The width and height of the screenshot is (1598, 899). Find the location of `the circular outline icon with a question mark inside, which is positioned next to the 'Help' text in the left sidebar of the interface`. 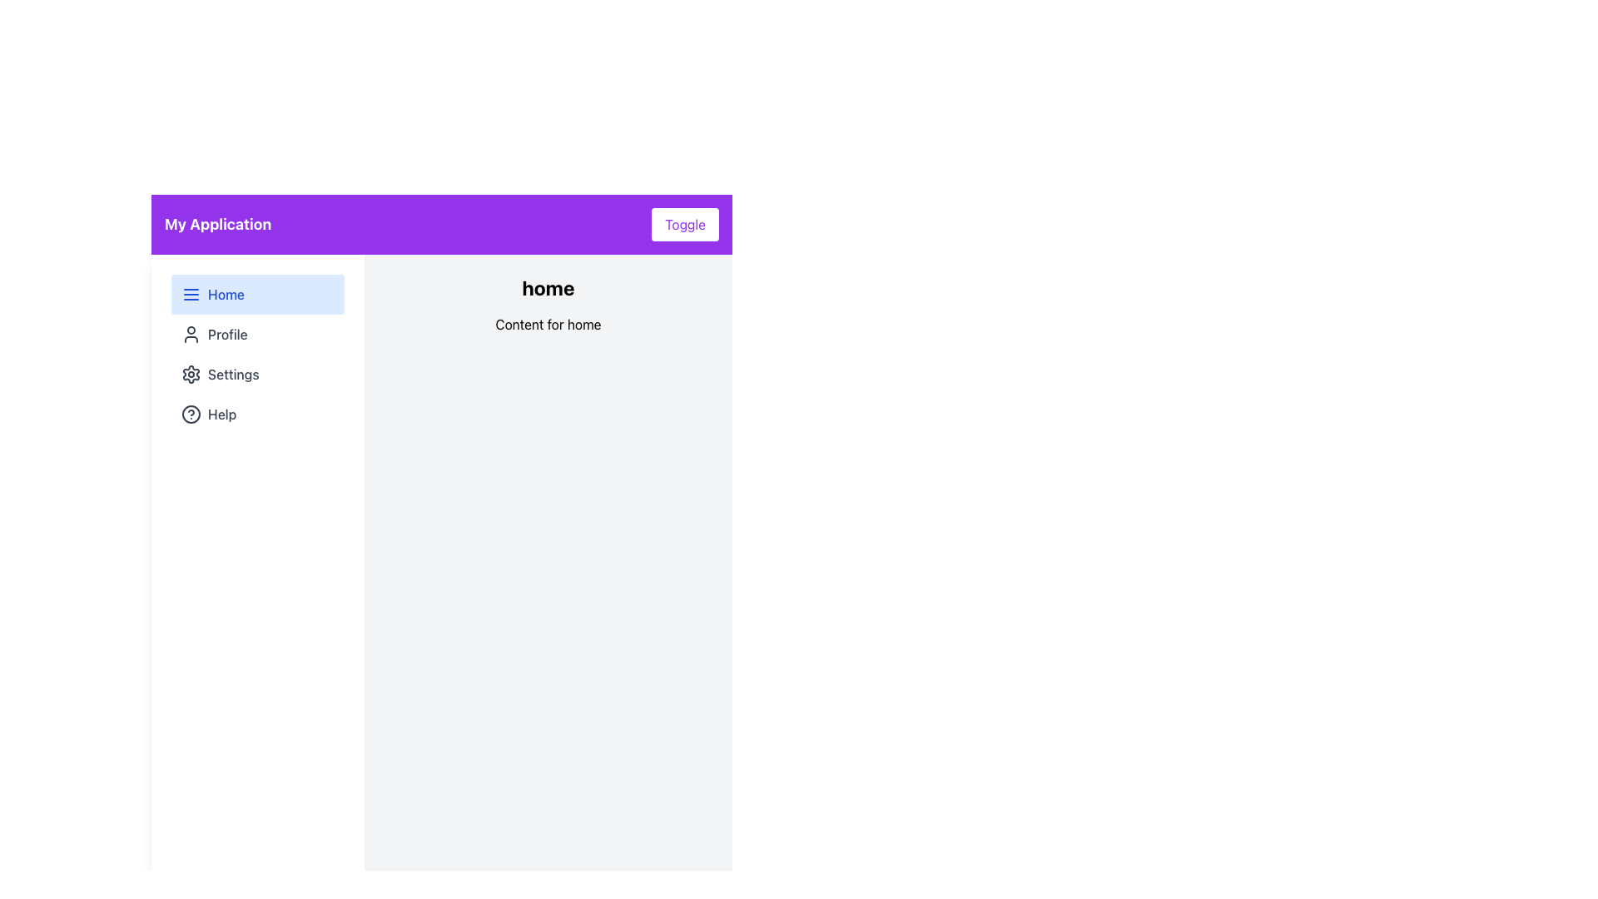

the circular outline icon with a question mark inside, which is positioned next to the 'Help' text in the left sidebar of the interface is located at coordinates (191, 413).